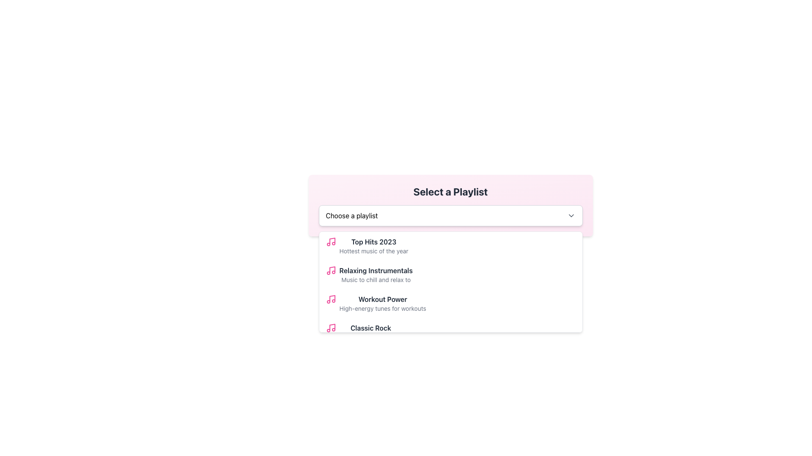 The height and width of the screenshot is (456, 812). Describe the element at coordinates (450, 275) in the screenshot. I see `the second list item in the playlist selector titled 'Relaxing Instrumentals'` at that location.